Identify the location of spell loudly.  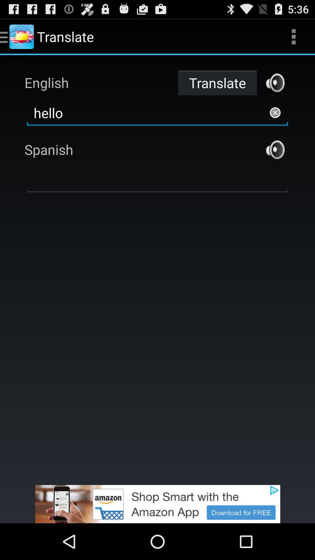
(275, 82).